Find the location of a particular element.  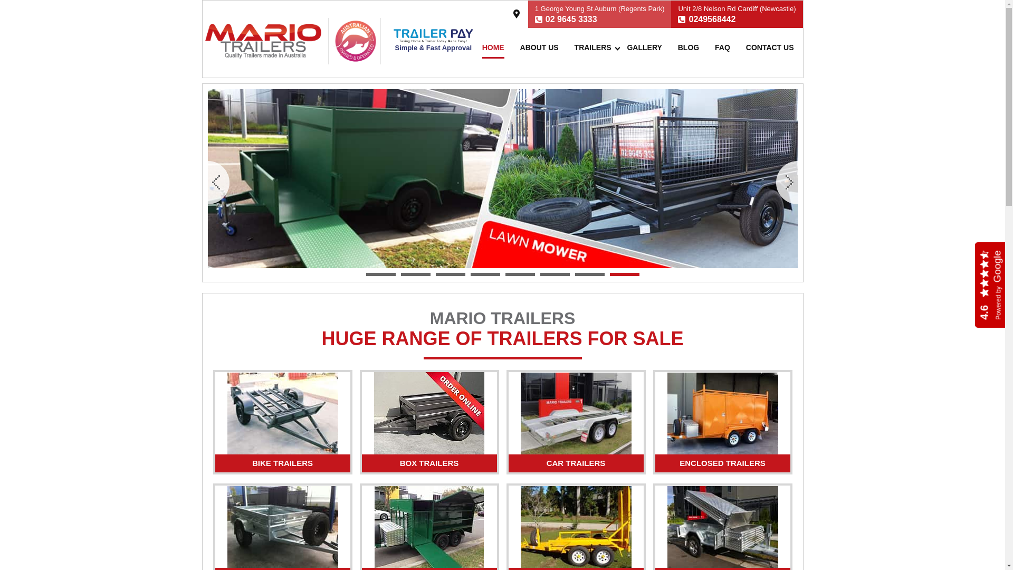

'Enclosed Trailers ' is located at coordinates (721, 413).